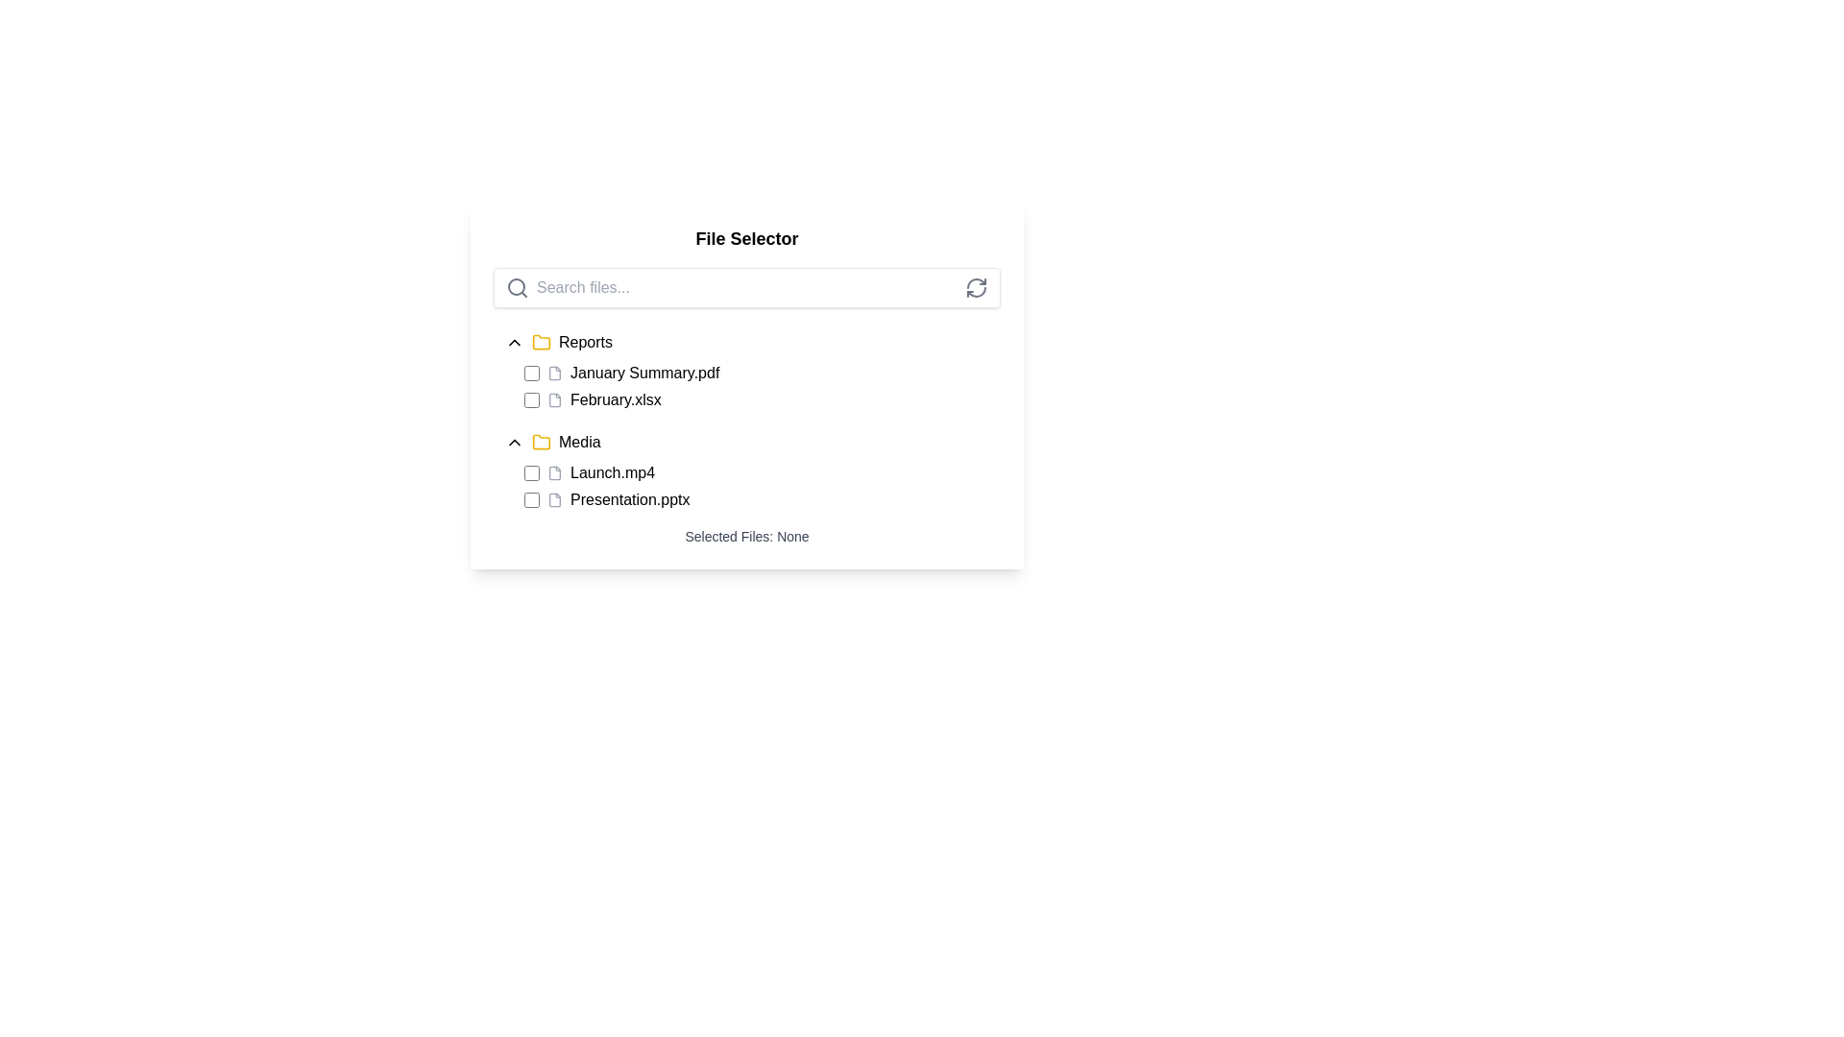  What do you see at coordinates (553, 498) in the screenshot?
I see `the main rectangular shape of the document outline icon, which is the first component in the SVG group and located to the left of the label 'Presentation.pptx' within the expanded 'Media' folder` at bounding box center [553, 498].